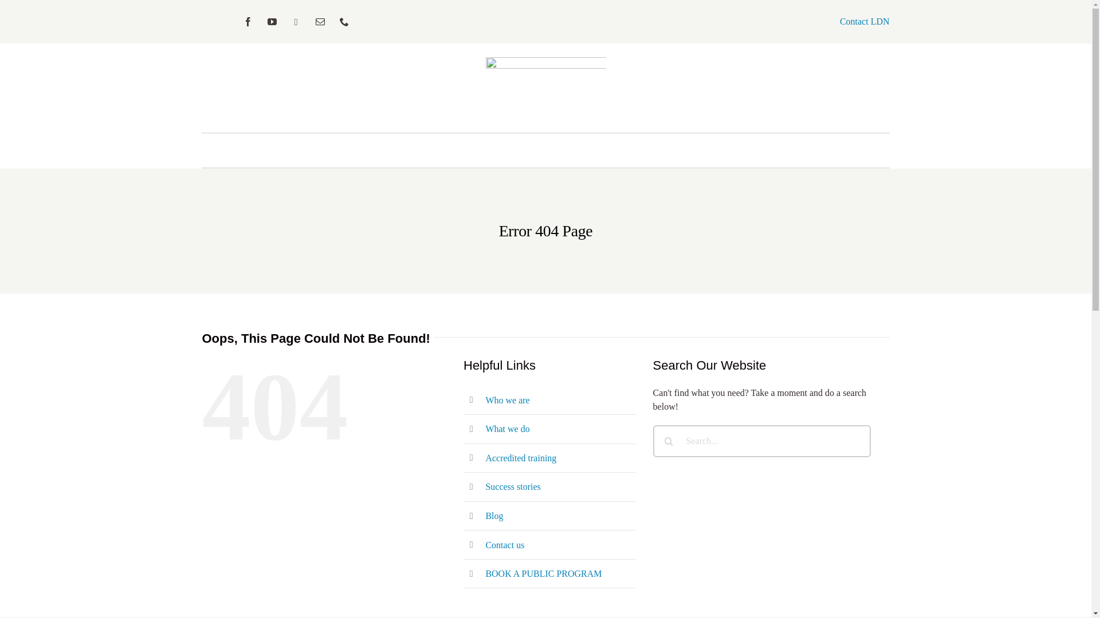  Describe the element at coordinates (520, 457) in the screenshot. I see `'Accredited training'` at that location.